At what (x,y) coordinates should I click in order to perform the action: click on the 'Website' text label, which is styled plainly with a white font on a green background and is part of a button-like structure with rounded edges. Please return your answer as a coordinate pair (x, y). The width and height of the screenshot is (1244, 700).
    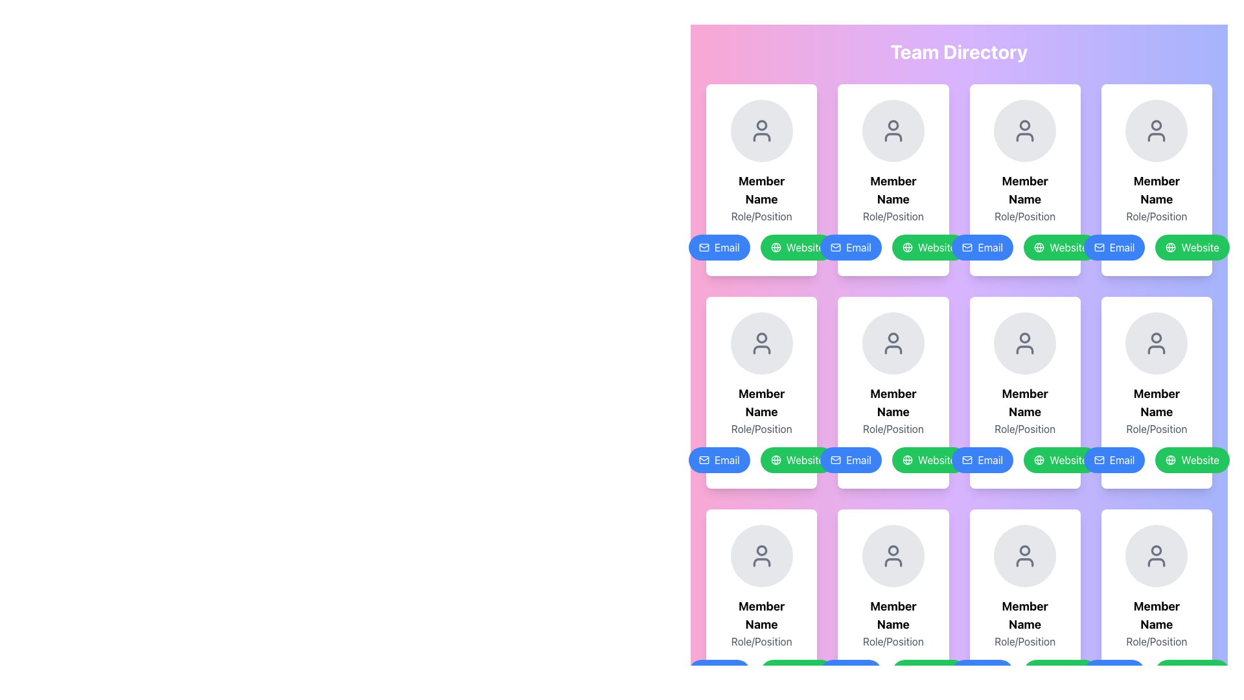
    Looking at the image, I should click on (805, 671).